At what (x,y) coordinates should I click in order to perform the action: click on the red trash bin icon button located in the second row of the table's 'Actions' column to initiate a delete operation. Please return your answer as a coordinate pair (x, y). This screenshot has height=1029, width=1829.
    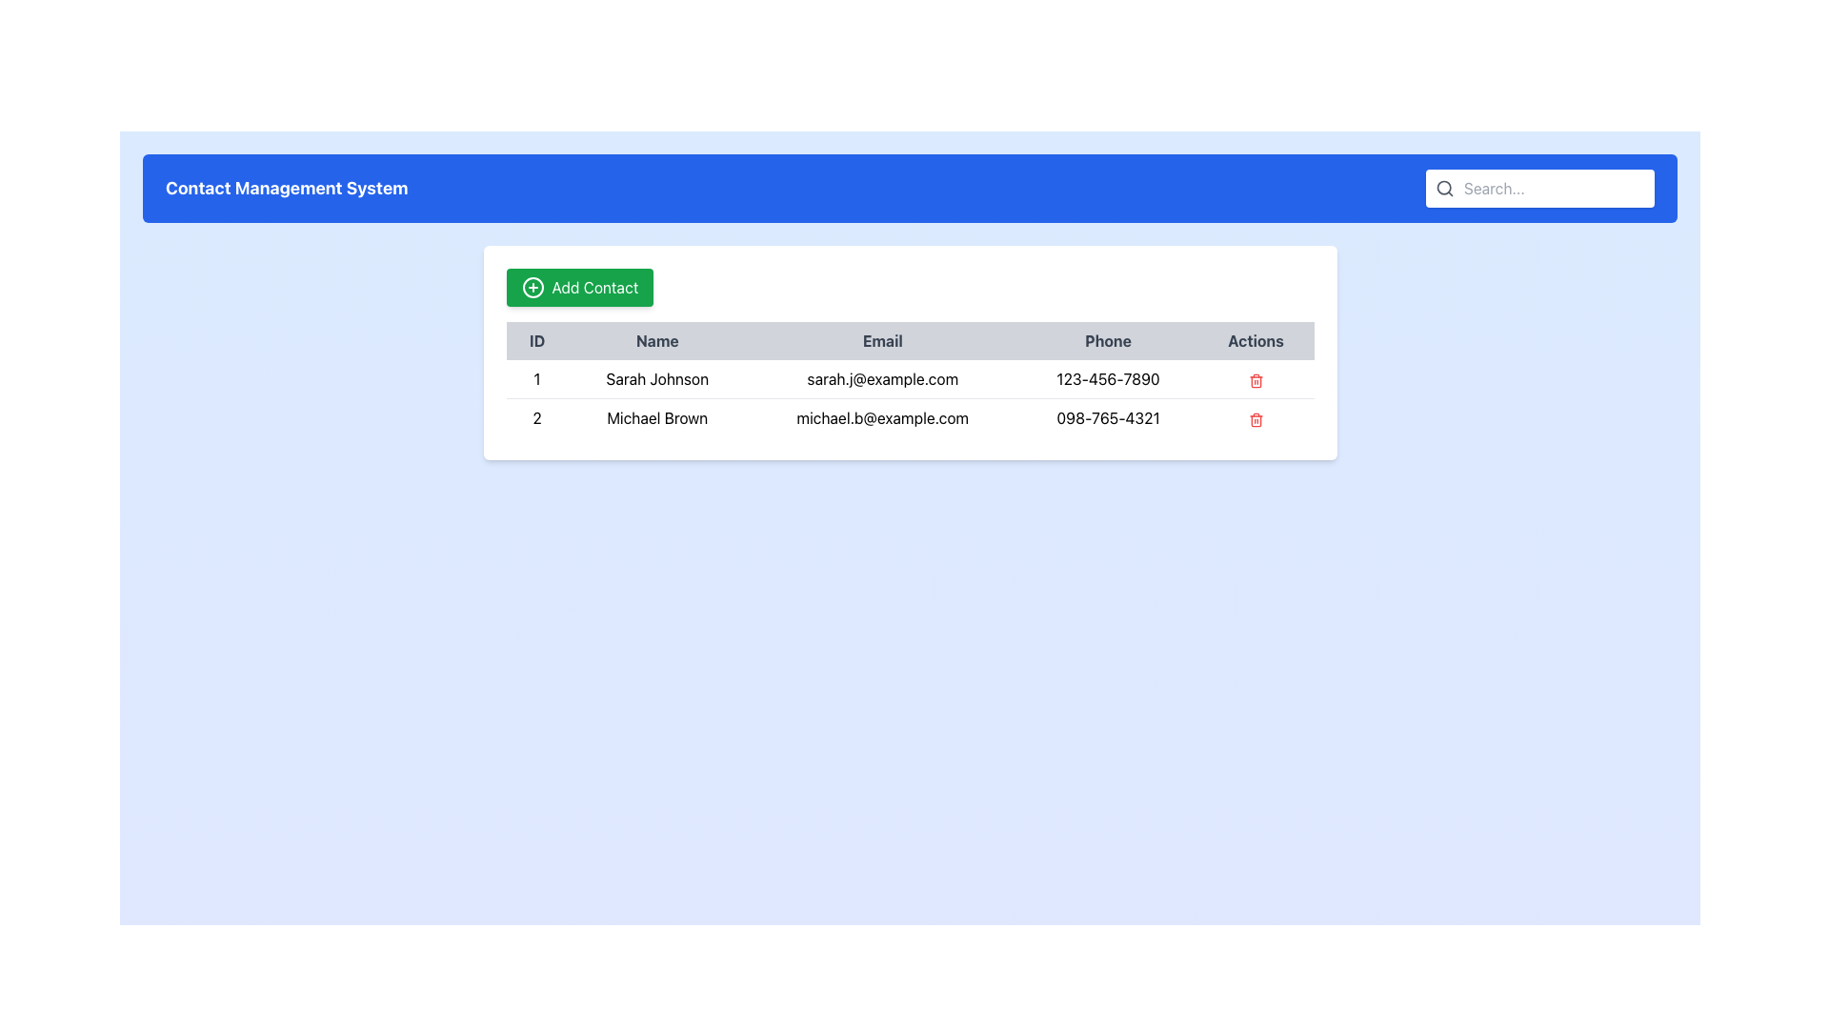
    Looking at the image, I should click on (1256, 417).